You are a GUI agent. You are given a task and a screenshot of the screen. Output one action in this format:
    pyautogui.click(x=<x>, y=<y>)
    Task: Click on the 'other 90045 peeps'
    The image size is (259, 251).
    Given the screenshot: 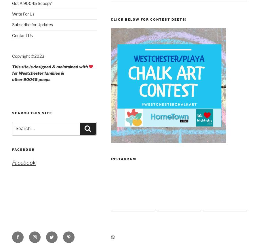 What is the action you would take?
    pyautogui.click(x=31, y=79)
    